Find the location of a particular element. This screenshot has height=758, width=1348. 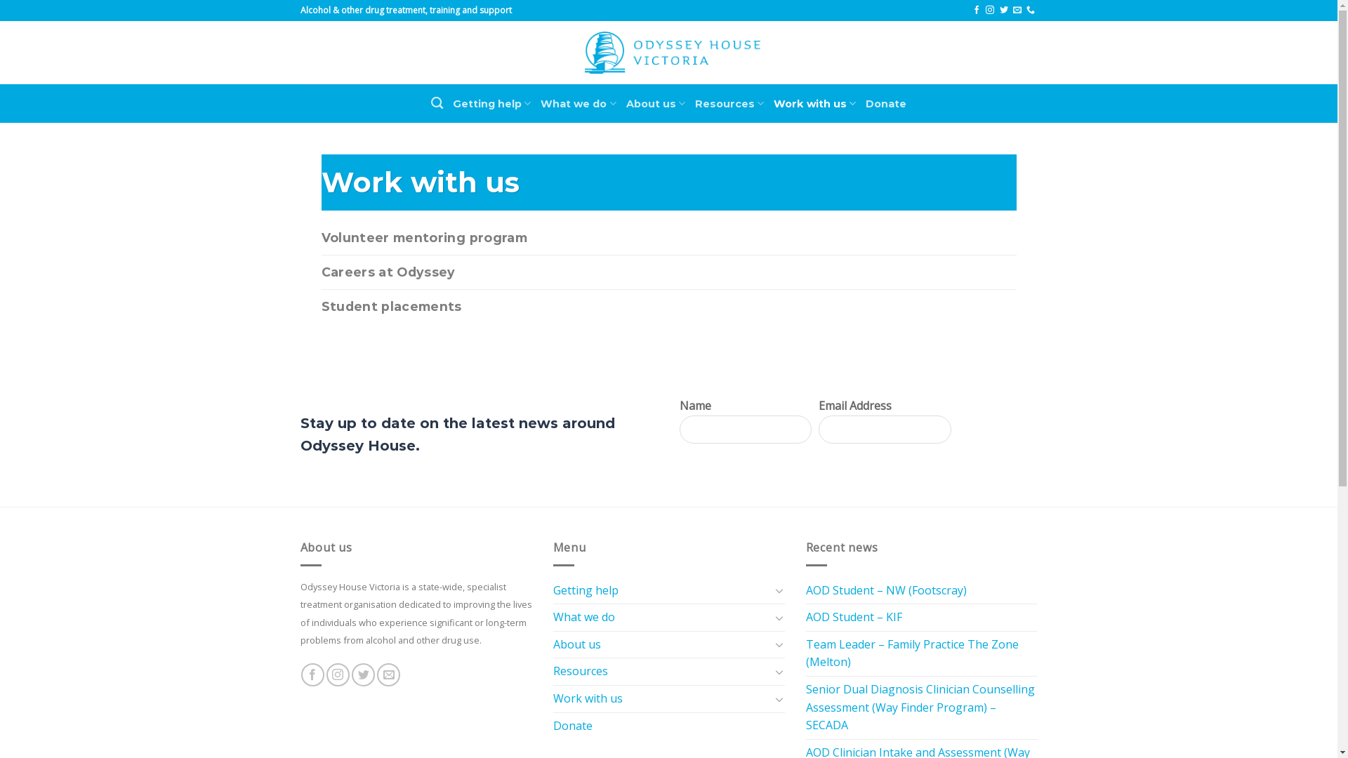

'Odyssey House Victoria' is located at coordinates (670, 52).